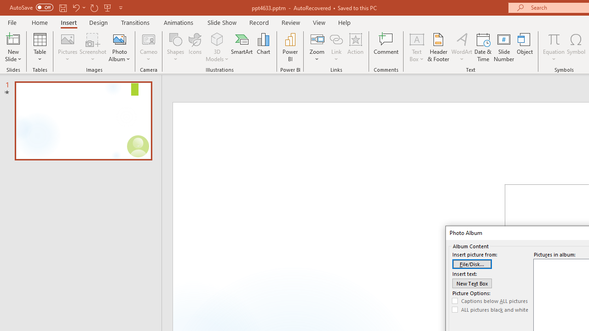 The image size is (589, 331). What do you see at coordinates (119, 47) in the screenshot?
I see `'Photo Album...'` at bounding box center [119, 47].